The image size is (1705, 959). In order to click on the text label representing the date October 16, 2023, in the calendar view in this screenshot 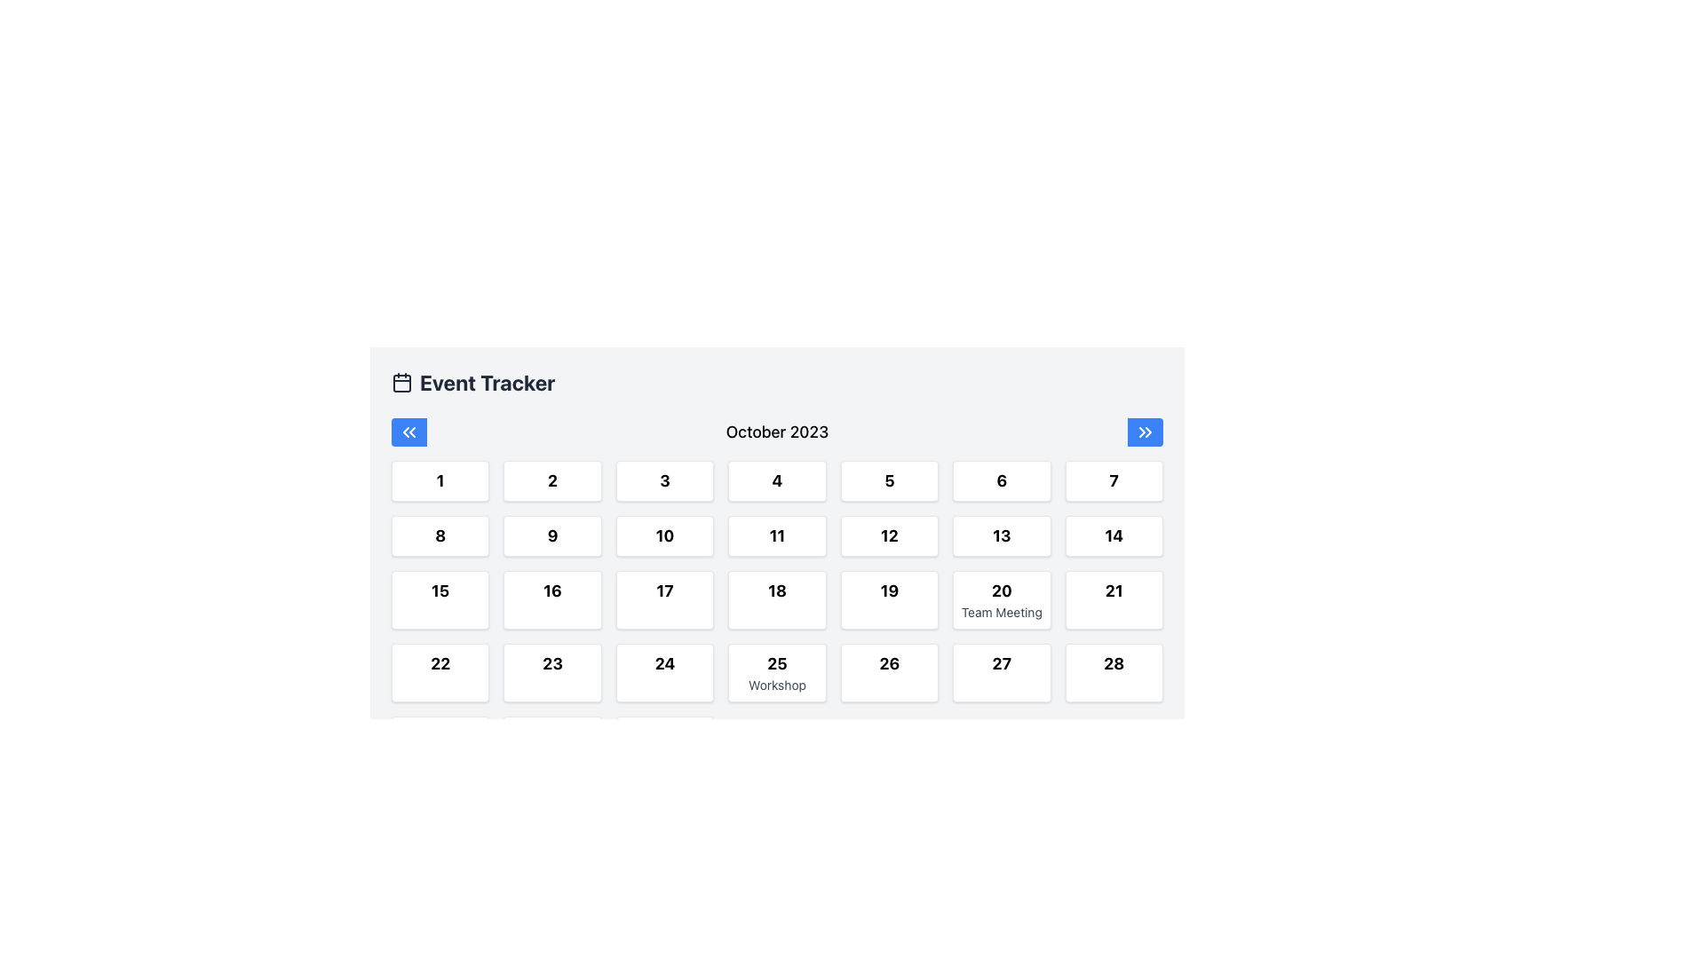, I will do `click(551, 591)`.